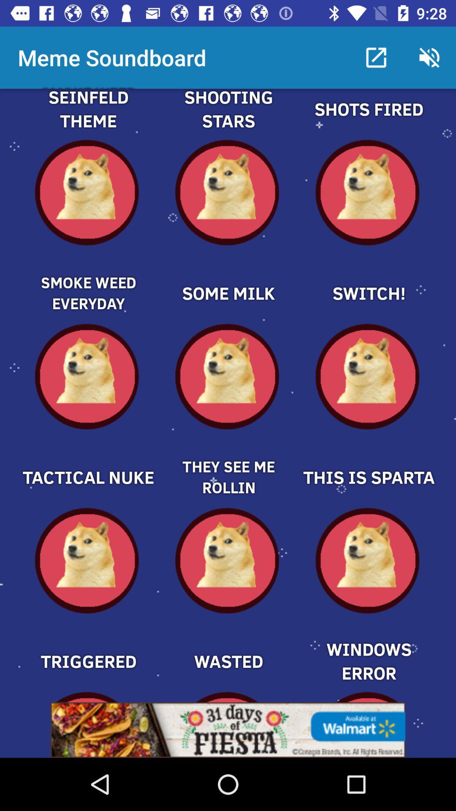 This screenshot has width=456, height=811. Describe the element at coordinates (228, 646) in the screenshot. I see `option` at that location.